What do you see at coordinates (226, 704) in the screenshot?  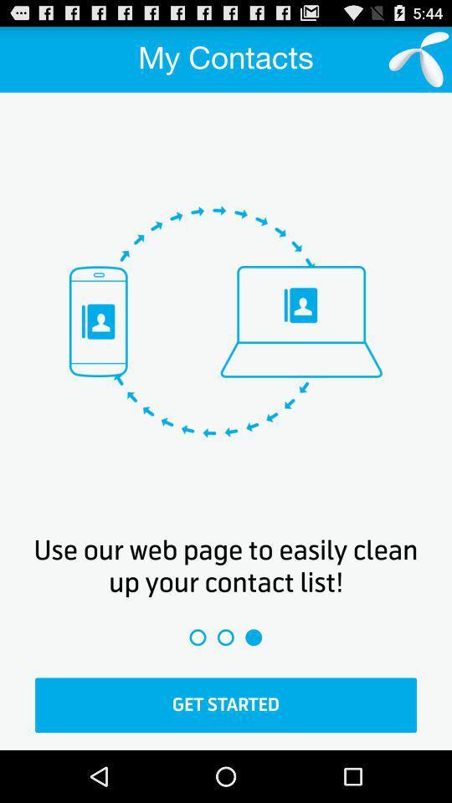 I see `get started icon` at bounding box center [226, 704].